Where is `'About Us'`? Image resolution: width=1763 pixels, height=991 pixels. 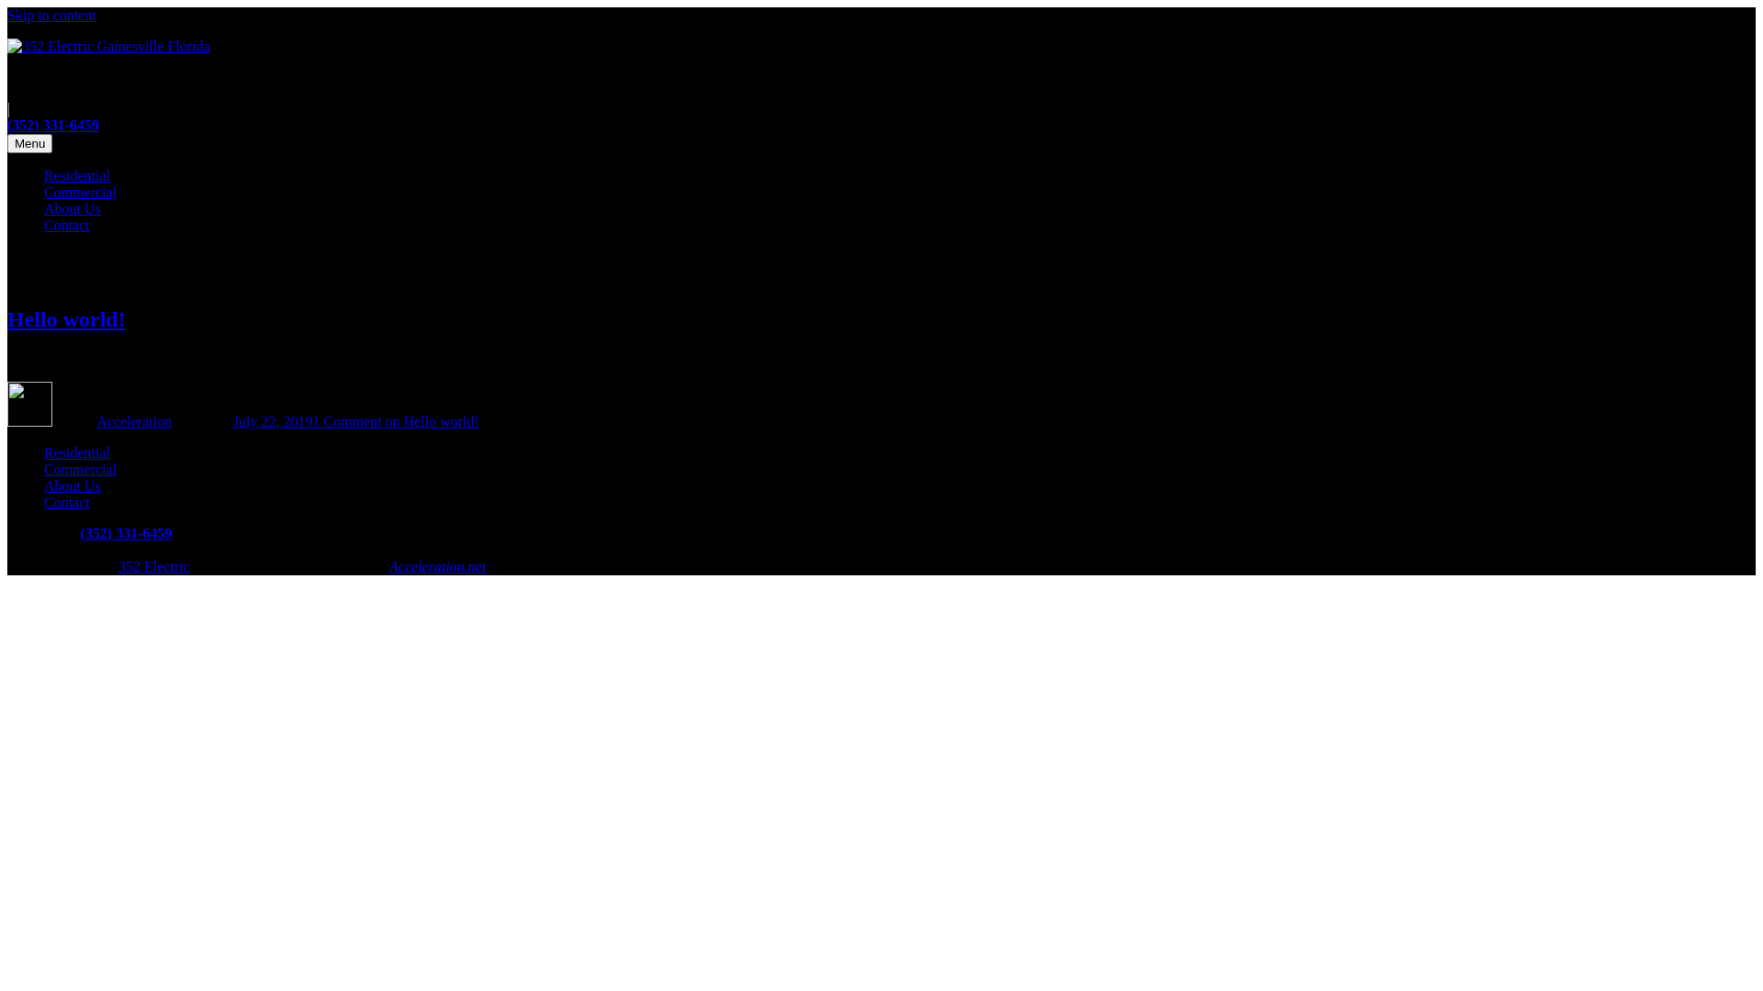 'About Us' is located at coordinates (72, 207).